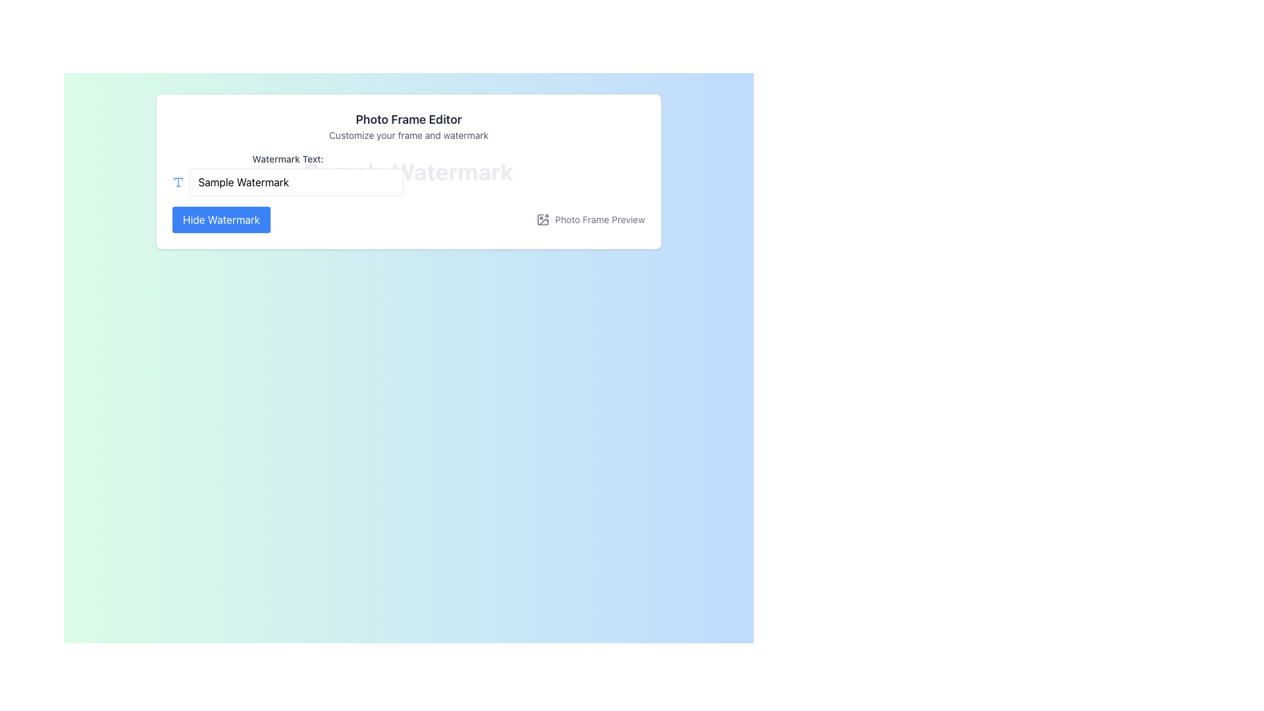 Image resolution: width=1264 pixels, height=711 pixels. I want to click on the 'Photo Frame Preview' label with icon, which features a photo frame and a plus sign, located in the 'Photo Frame Editor' section, so click(590, 219).